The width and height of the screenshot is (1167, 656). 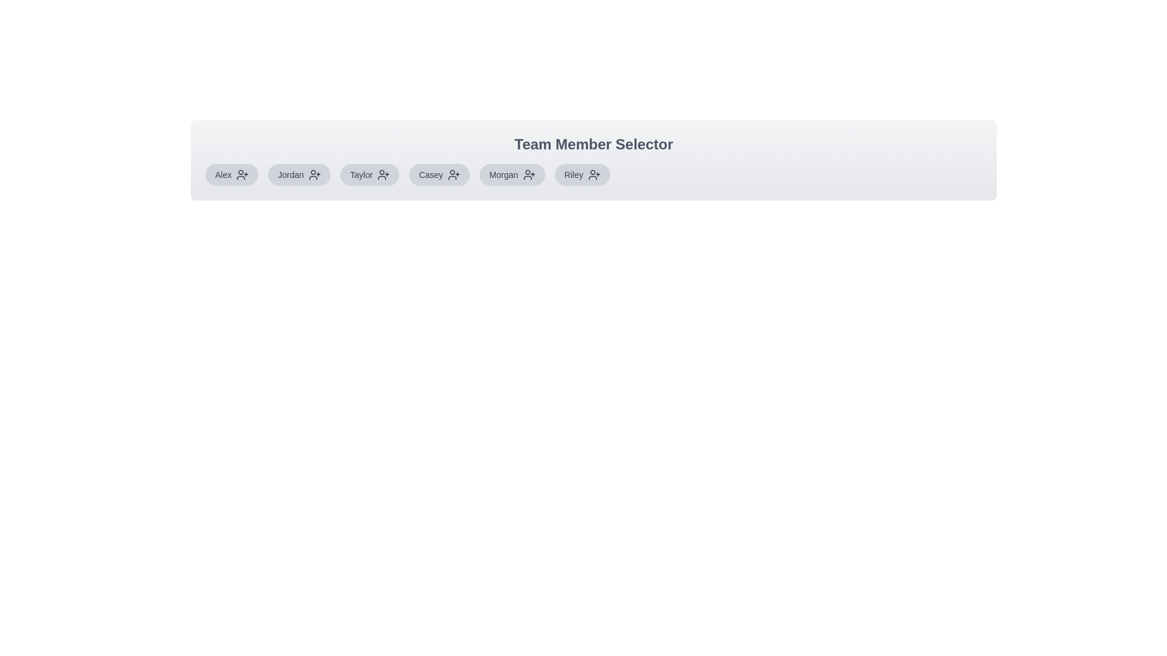 What do you see at coordinates (369, 175) in the screenshot?
I see `the team member Taylor to observe hover styles` at bounding box center [369, 175].